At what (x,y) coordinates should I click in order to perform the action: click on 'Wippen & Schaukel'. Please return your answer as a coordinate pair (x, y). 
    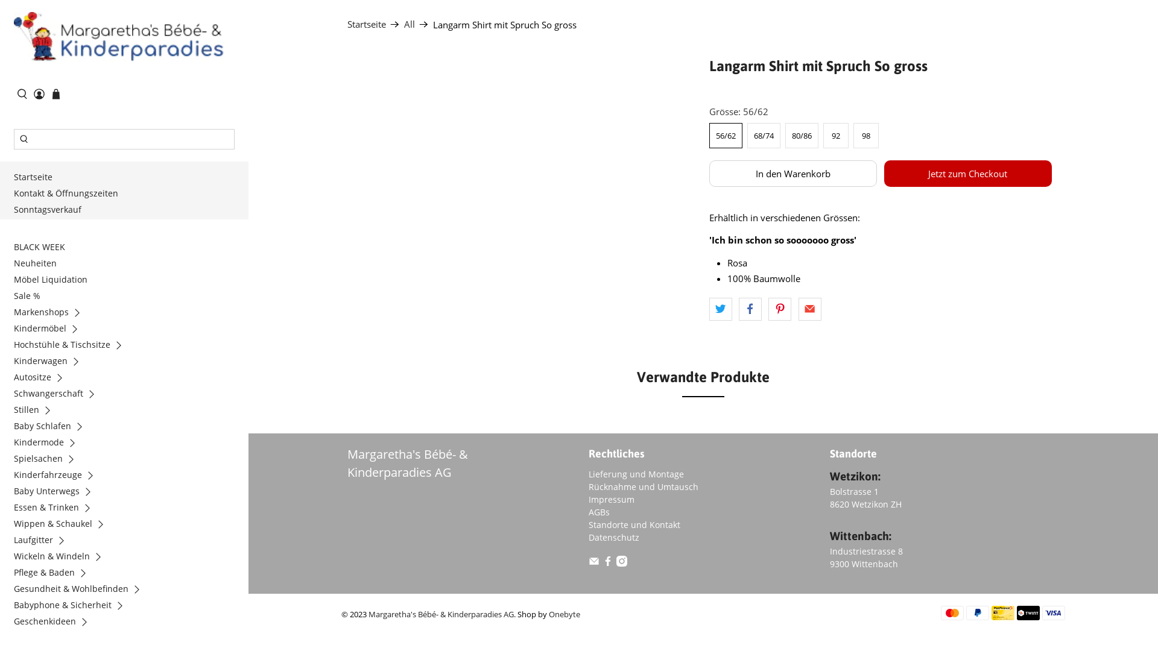
    Looking at the image, I should click on (62, 524).